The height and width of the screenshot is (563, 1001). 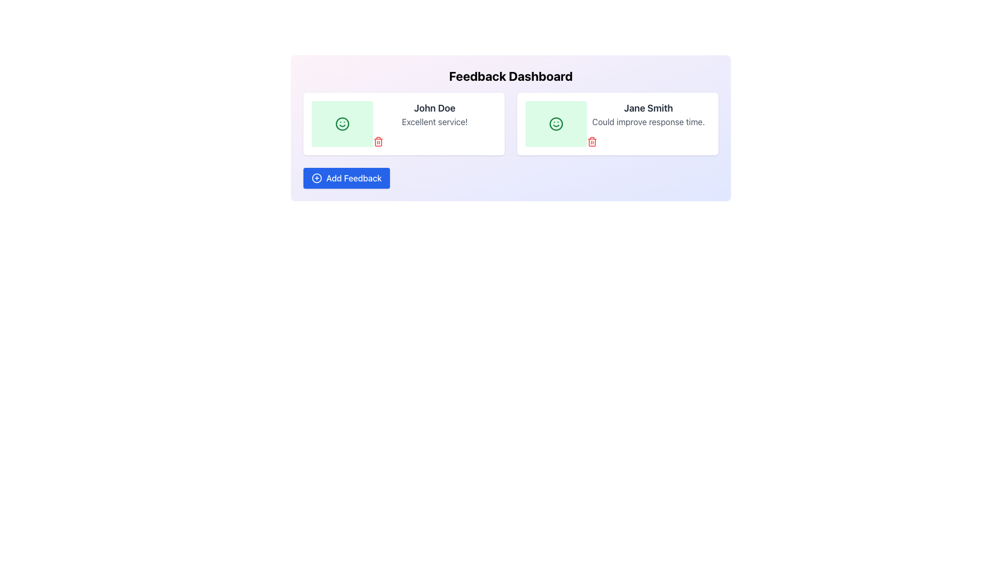 What do you see at coordinates (648, 121) in the screenshot?
I see `gray text label that says 'Could improve response time.' located within the right-hand side feedback card below the user's name 'Jane Smith' and above a small trash icon` at bounding box center [648, 121].